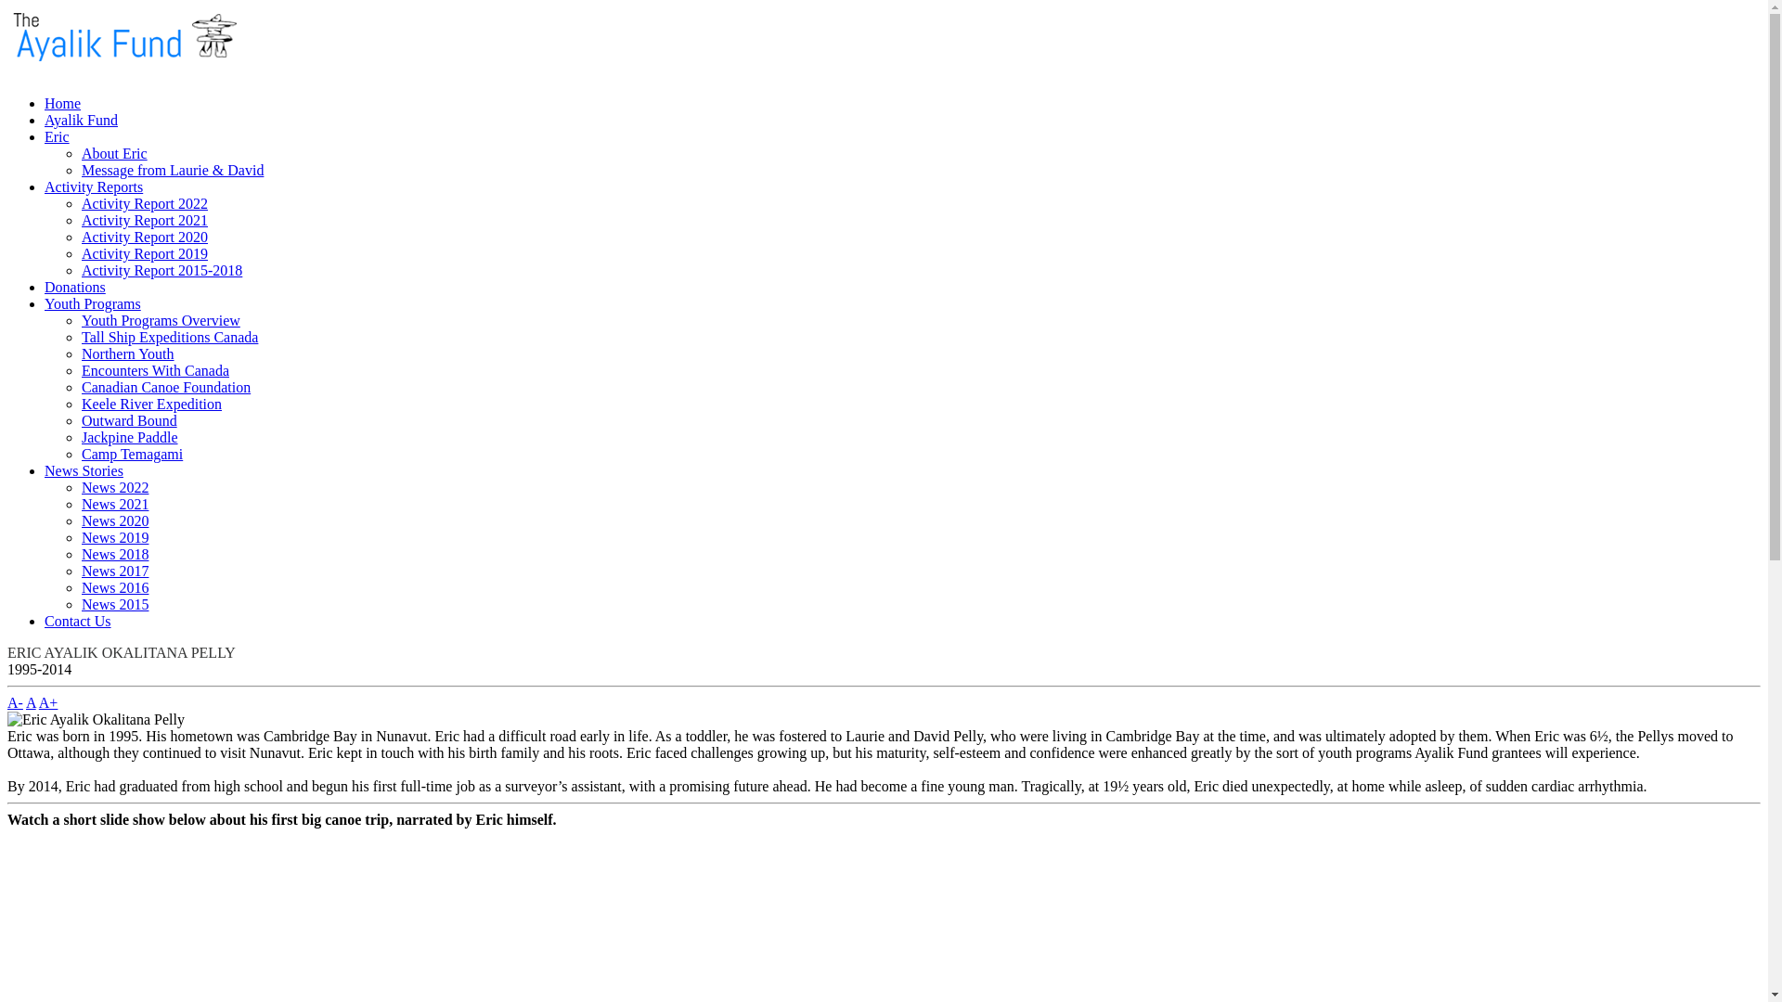  What do you see at coordinates (161, 319) in the screenshot?
I see `'Youth Programs Overview'` at bounding box center [161, 319].